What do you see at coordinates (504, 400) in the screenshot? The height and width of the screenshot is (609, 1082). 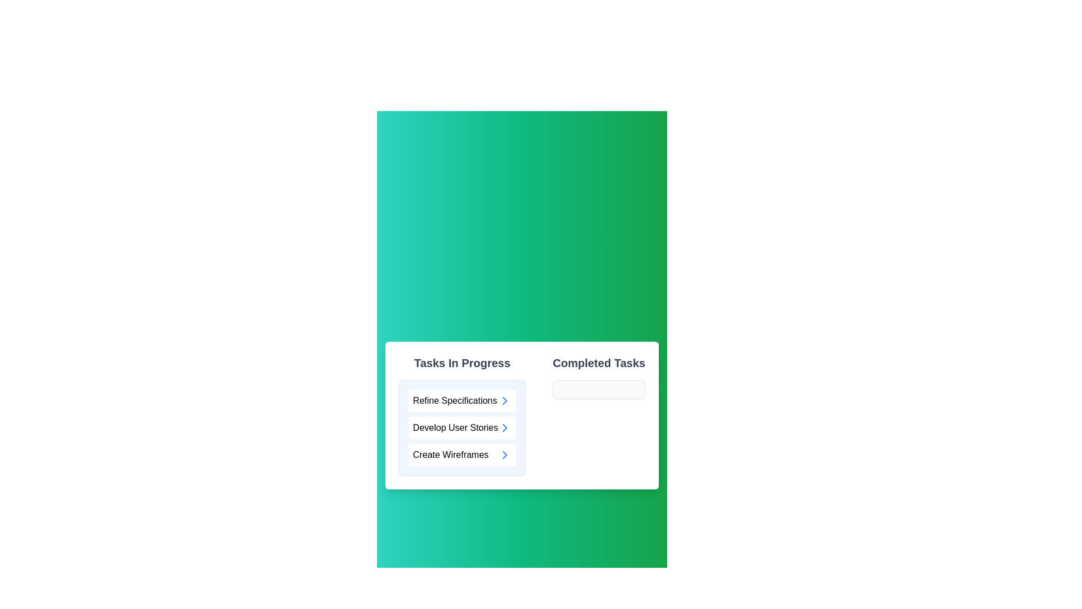 I see `arrow icon next to the task 'Refine Specifications' in the 'Tasks In Progress' list to move it to 'Completed Tasks'` at bounding box center [504, 400].